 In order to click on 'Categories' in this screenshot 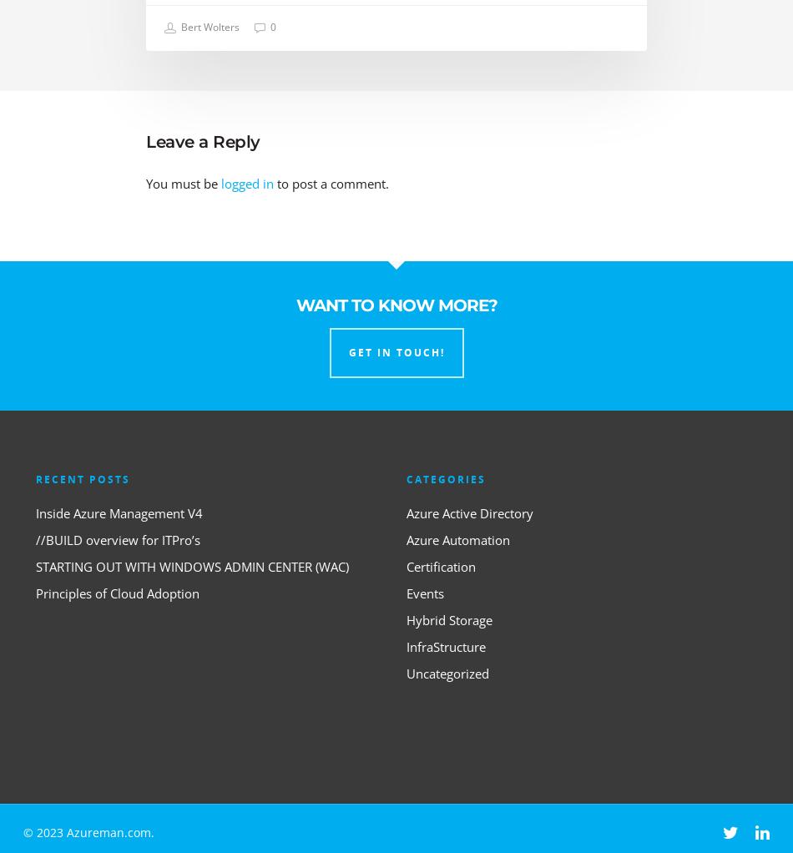, I will do `click(446, 478)`.